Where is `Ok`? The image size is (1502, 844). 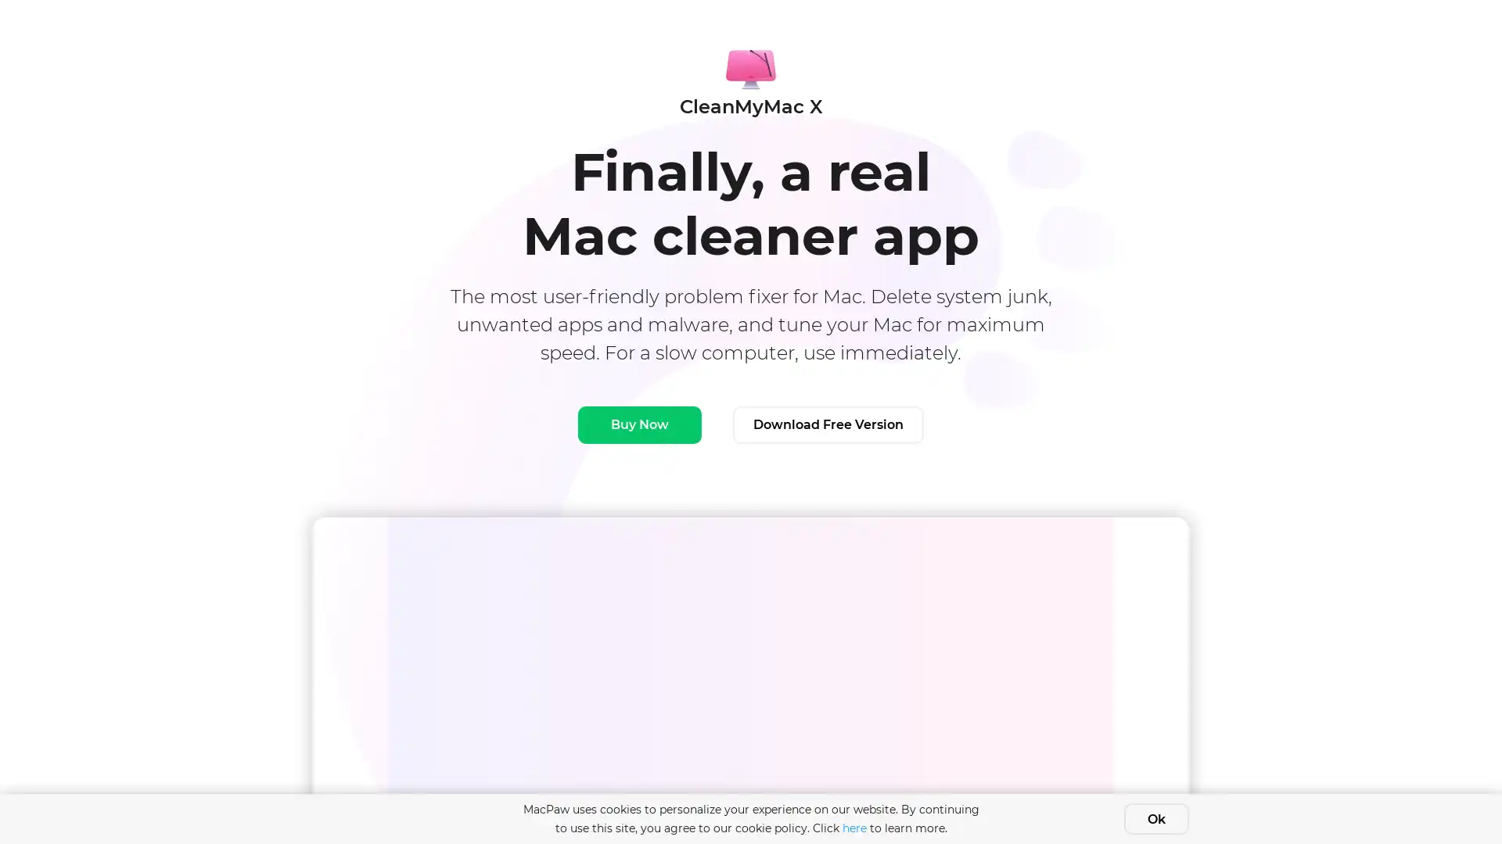
Ok is located at coordinates (1156, 818).